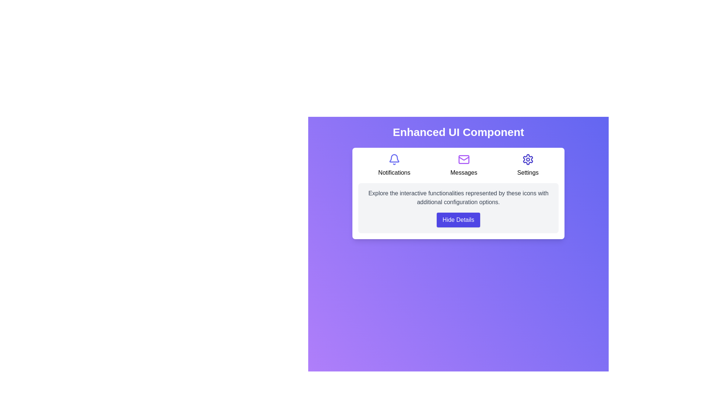  I want to click on the 'Settings' button with icon and label, so click(527, 165).